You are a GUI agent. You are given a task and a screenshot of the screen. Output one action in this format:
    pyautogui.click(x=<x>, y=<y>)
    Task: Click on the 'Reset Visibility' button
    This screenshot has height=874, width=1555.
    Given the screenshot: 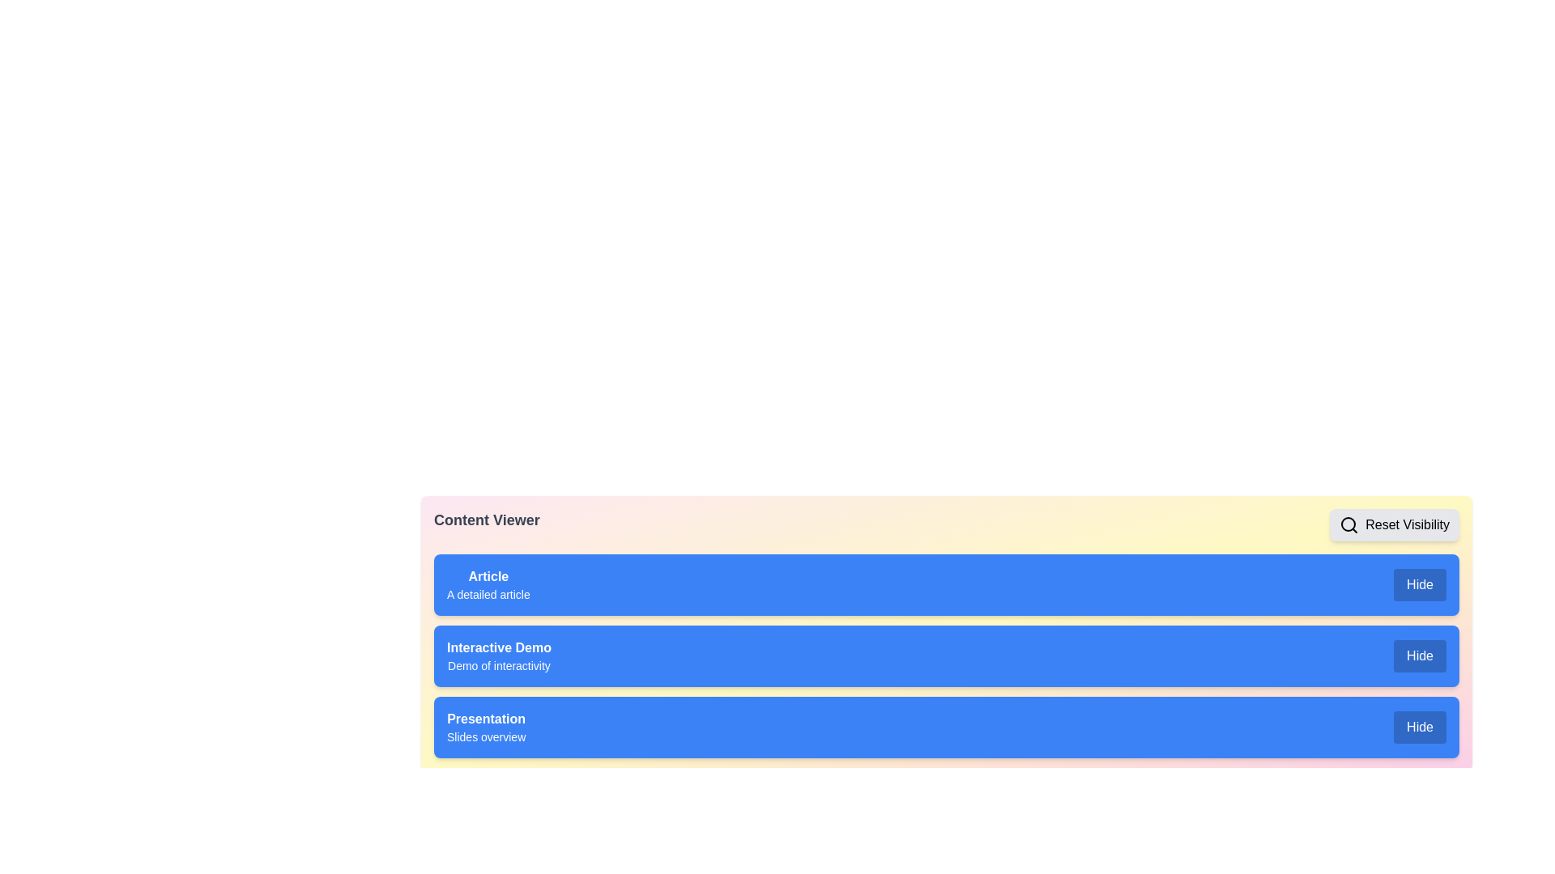 What is the action you would take?
    pyautogui.click(x=1394, y=524)
    